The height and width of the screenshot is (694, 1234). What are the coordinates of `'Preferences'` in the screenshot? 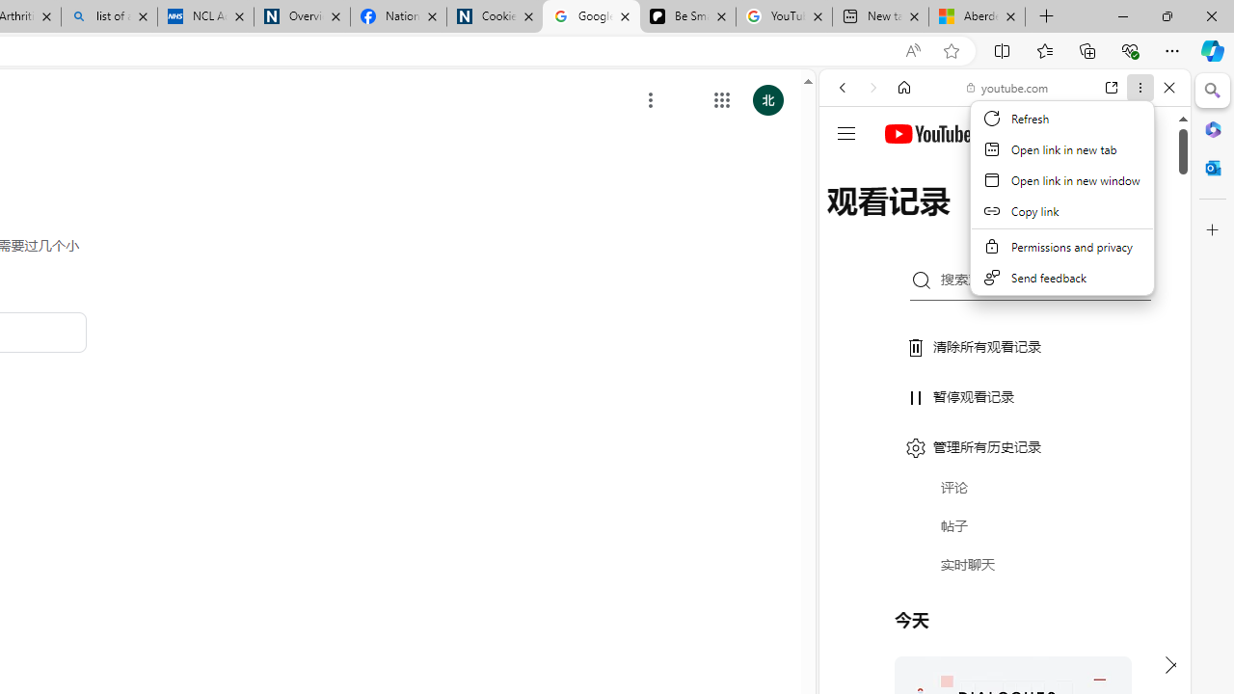 It's located at (1146, 219).